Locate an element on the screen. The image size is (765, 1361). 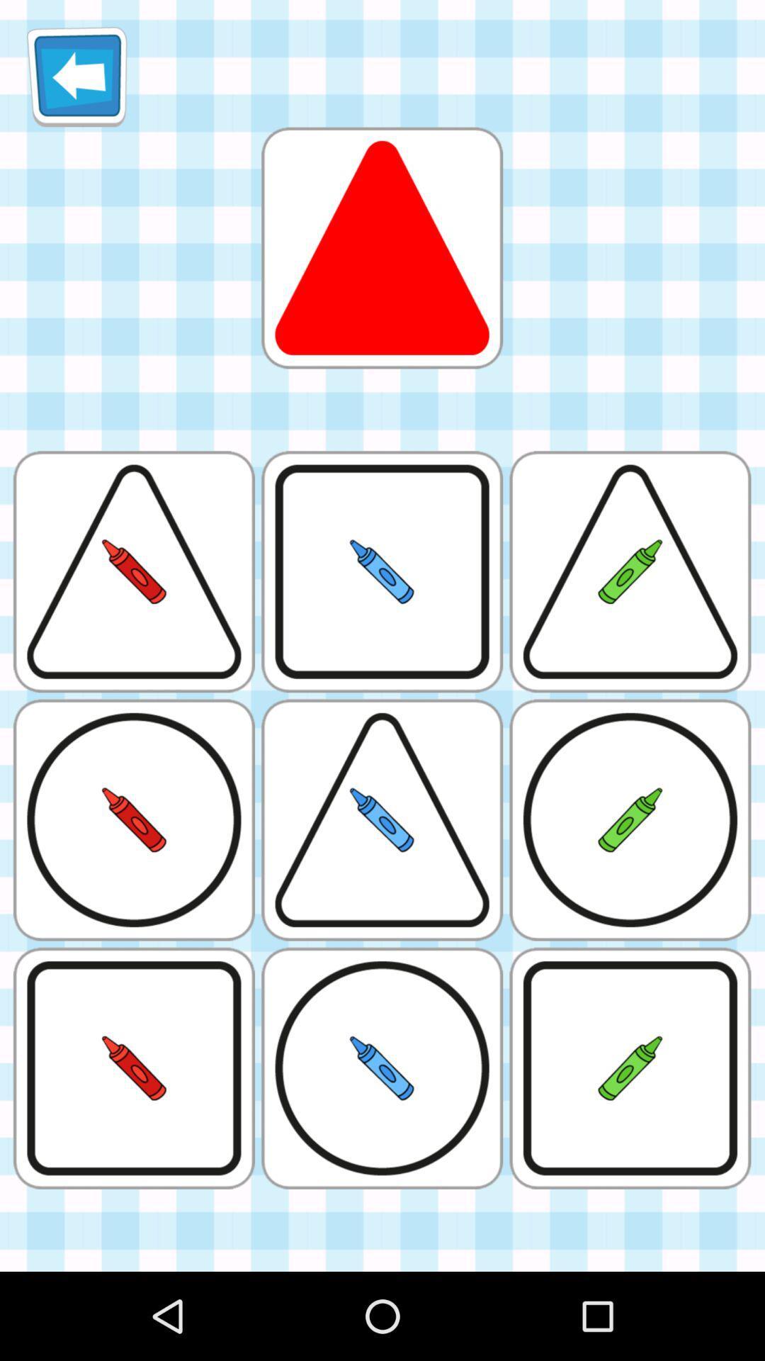
first option in third row is located at coordinates (134, 819).